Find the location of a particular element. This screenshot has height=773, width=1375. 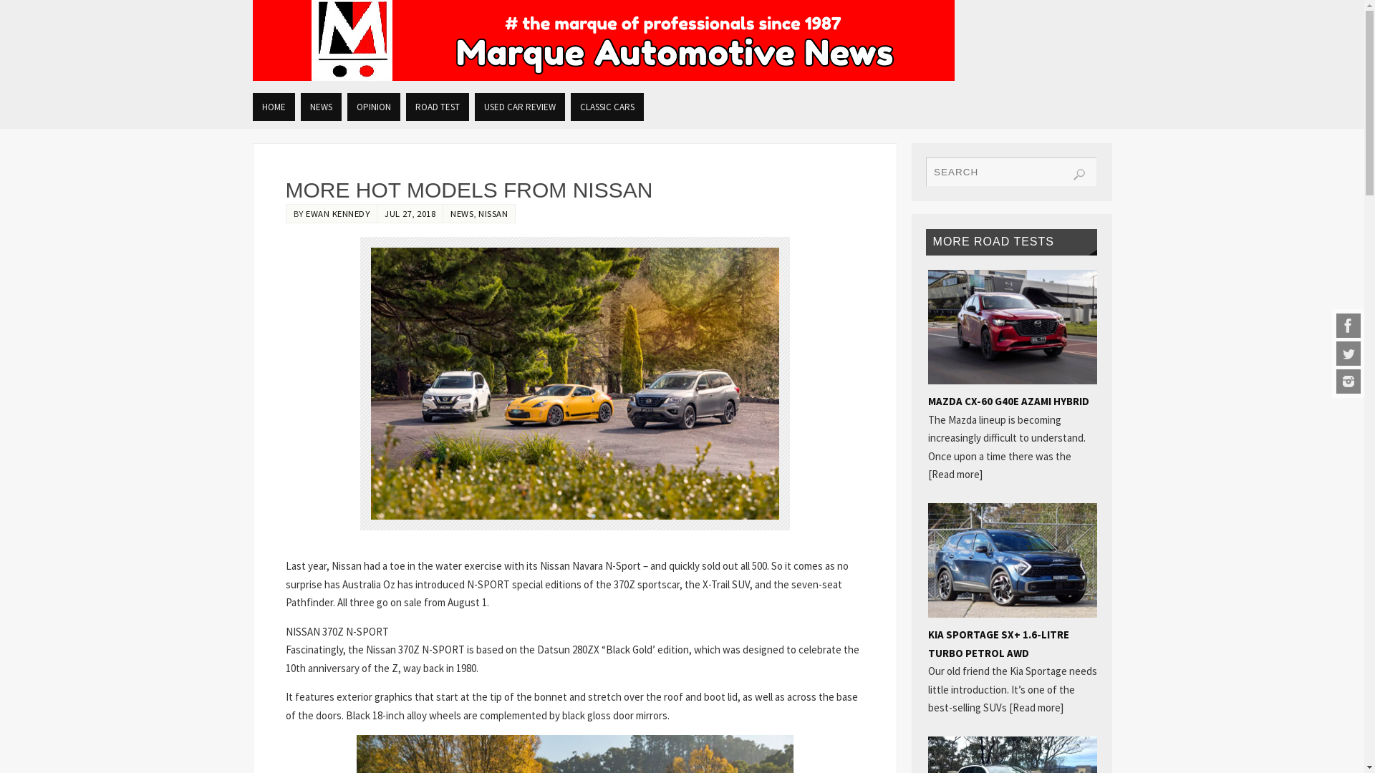

'USED CAR REVIEW' is located at coordinates (518, 106).